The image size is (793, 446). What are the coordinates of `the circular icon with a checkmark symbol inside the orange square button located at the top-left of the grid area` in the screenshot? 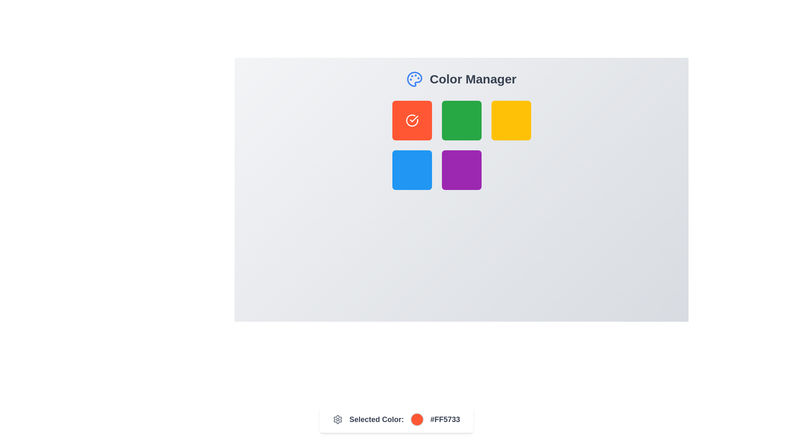 It's located at (412, 121).